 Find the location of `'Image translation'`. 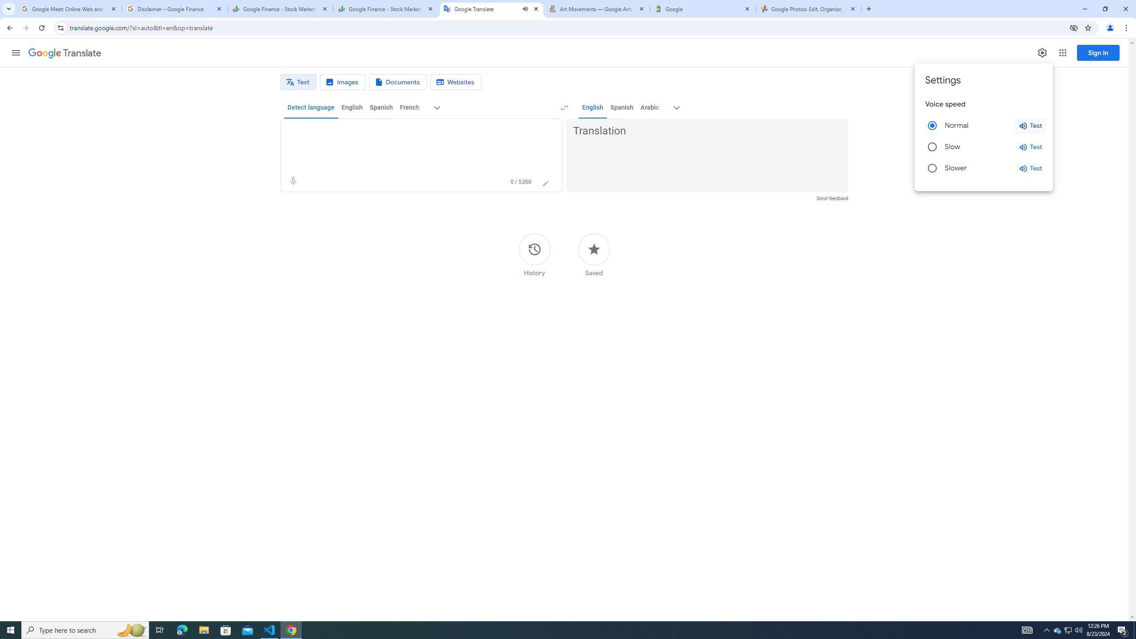

'Image translation' is located at coordinates (343, 82).